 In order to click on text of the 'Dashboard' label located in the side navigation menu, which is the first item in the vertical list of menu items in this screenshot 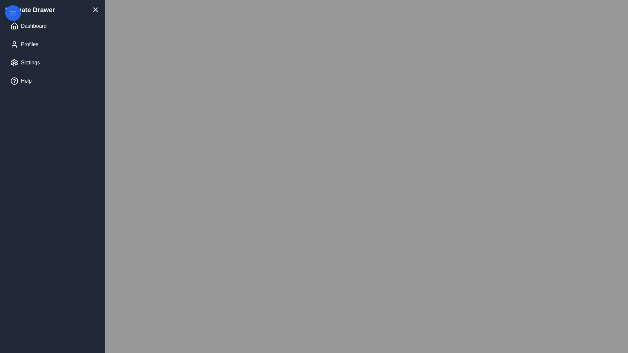, I will do `click(33, 26)`.